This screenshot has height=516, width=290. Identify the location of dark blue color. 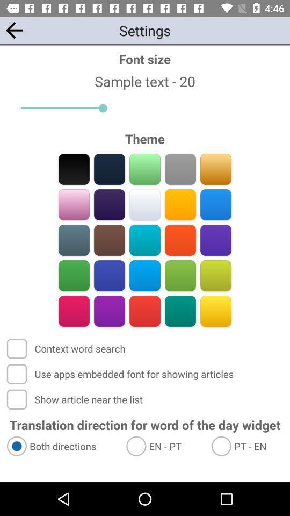
(109, 275).